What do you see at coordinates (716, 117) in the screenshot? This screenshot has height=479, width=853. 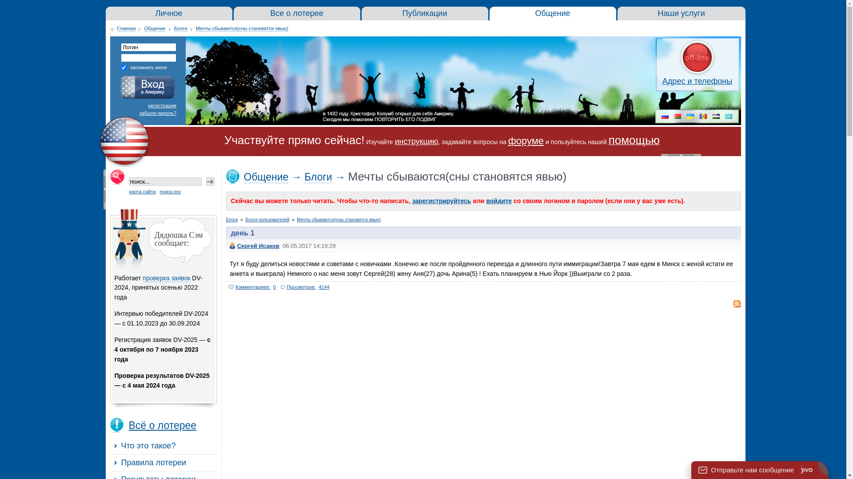 I see `'uz'` at bounding box center [716, 117].